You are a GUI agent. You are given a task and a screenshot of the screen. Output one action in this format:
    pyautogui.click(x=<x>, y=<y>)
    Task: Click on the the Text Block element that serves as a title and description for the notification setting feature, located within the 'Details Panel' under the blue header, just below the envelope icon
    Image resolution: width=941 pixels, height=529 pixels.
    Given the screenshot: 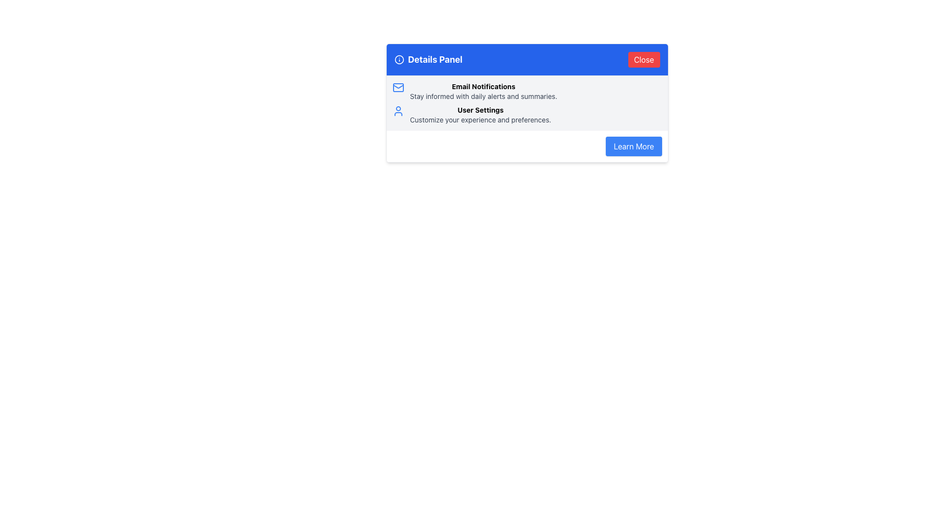 What is the action you would take?
    pyautogui.click(x=483, y=91)
    